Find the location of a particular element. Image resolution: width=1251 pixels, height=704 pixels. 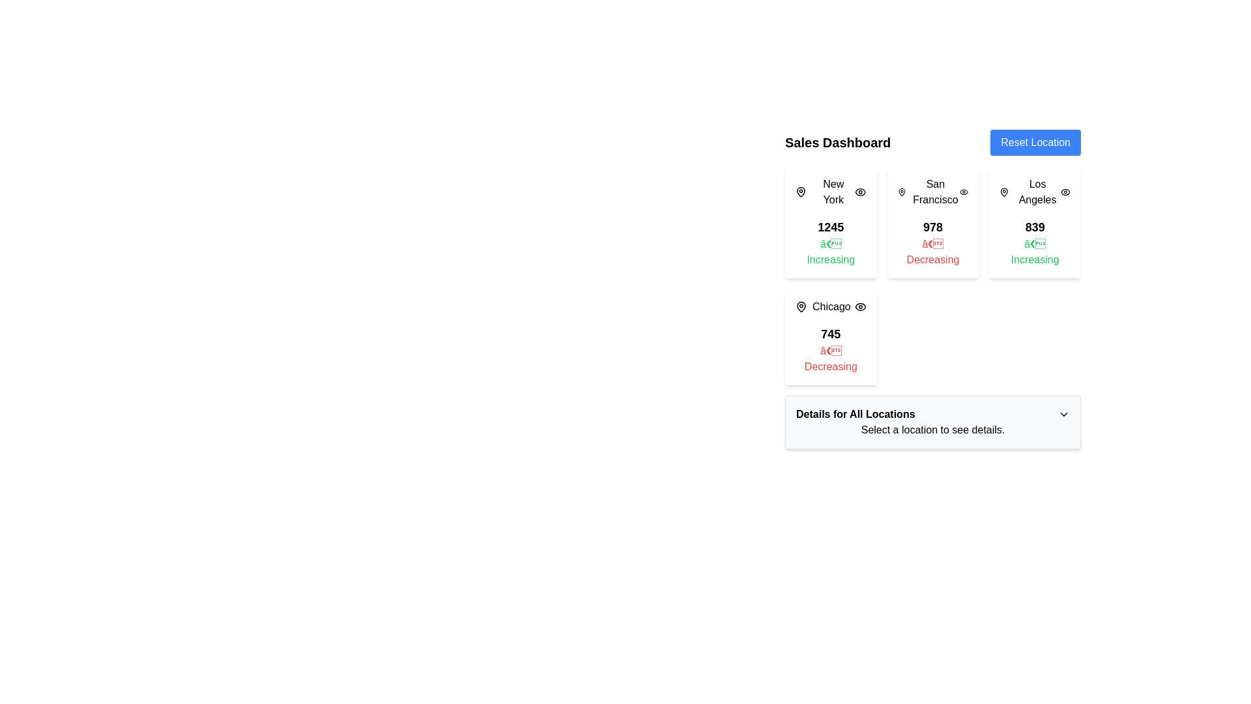

the eye icon located at the top right corner of the 'Los Angeles' card is located at coordinates (1065, 192).